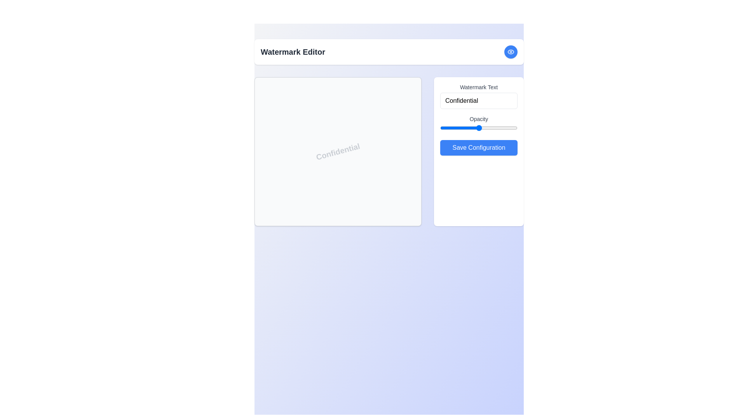  What do you see at coordinates (478, 148) in the screenshot?
I see `the 'Save Configuration' button located at the bottom of the right-side panel beneath the 'Watermark Text' section` at bounding box center [478, 148].